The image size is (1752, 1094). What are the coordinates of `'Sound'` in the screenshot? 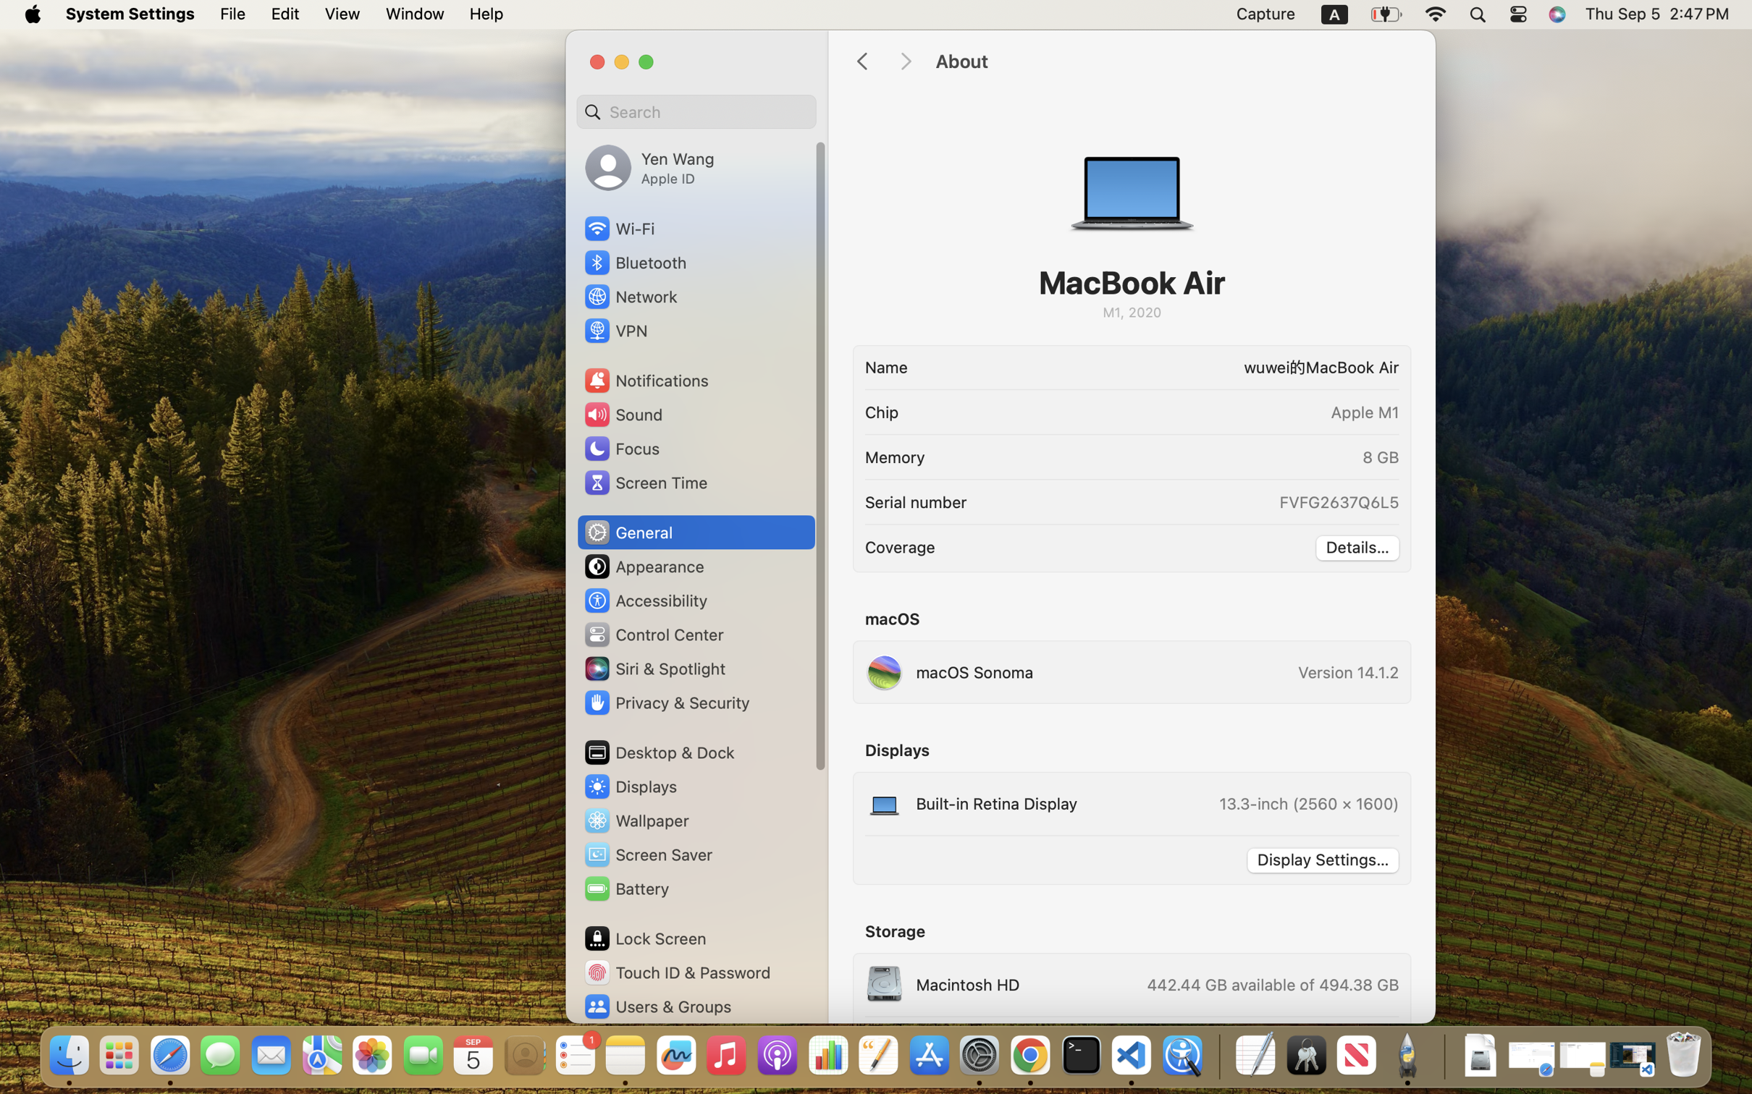 It's located at (623, 413).